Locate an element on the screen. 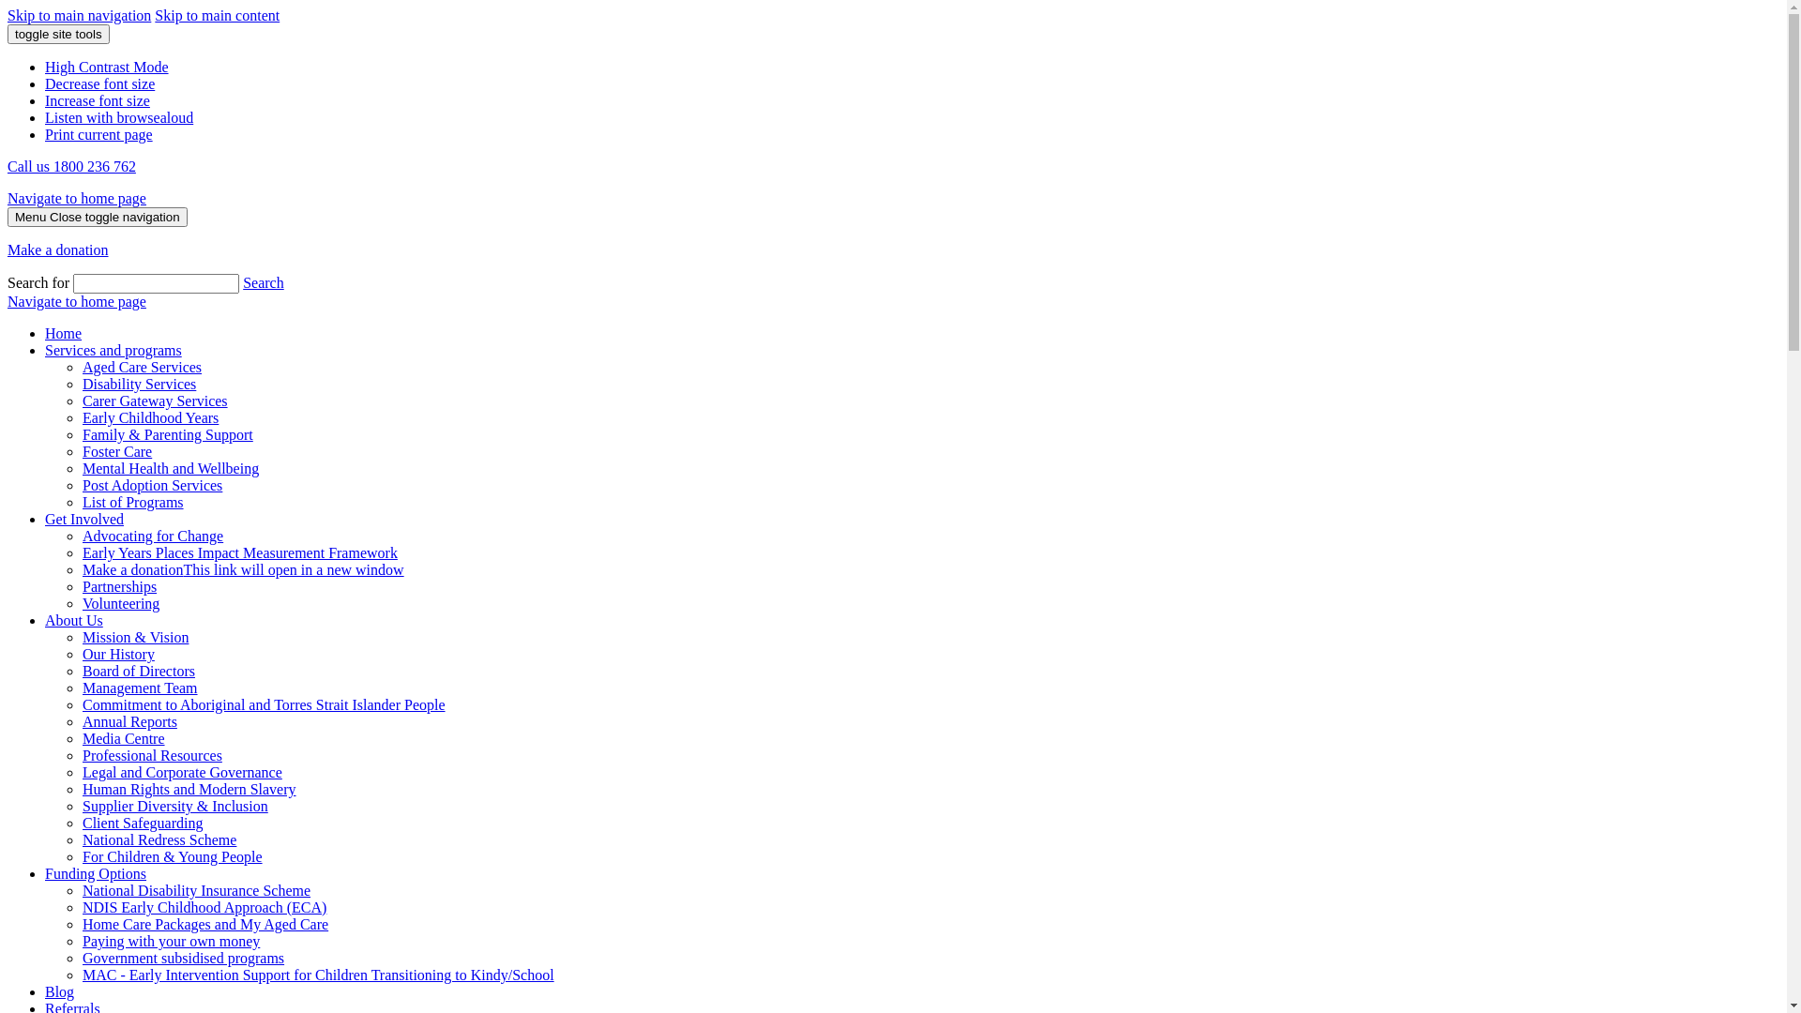 The width and height of the screenshot is (1801, 1013). 'Annual Reports' is located at coordinates (129, 720).